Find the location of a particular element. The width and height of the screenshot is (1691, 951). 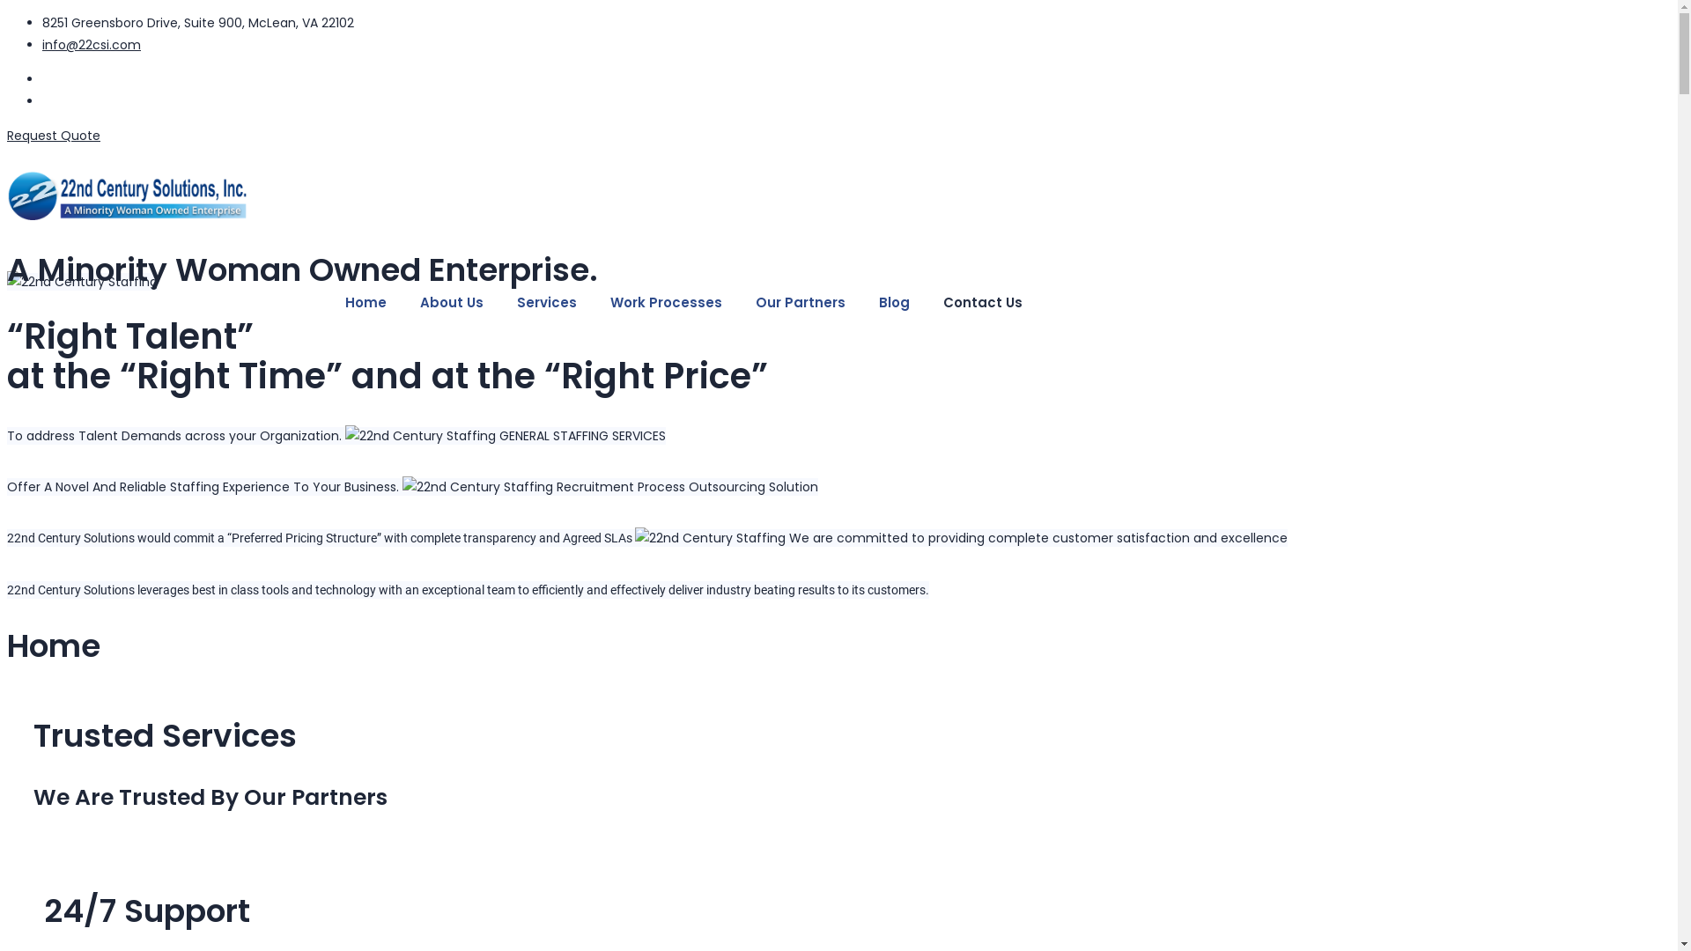

'Work Processes' is located at coordinates (665, 301).